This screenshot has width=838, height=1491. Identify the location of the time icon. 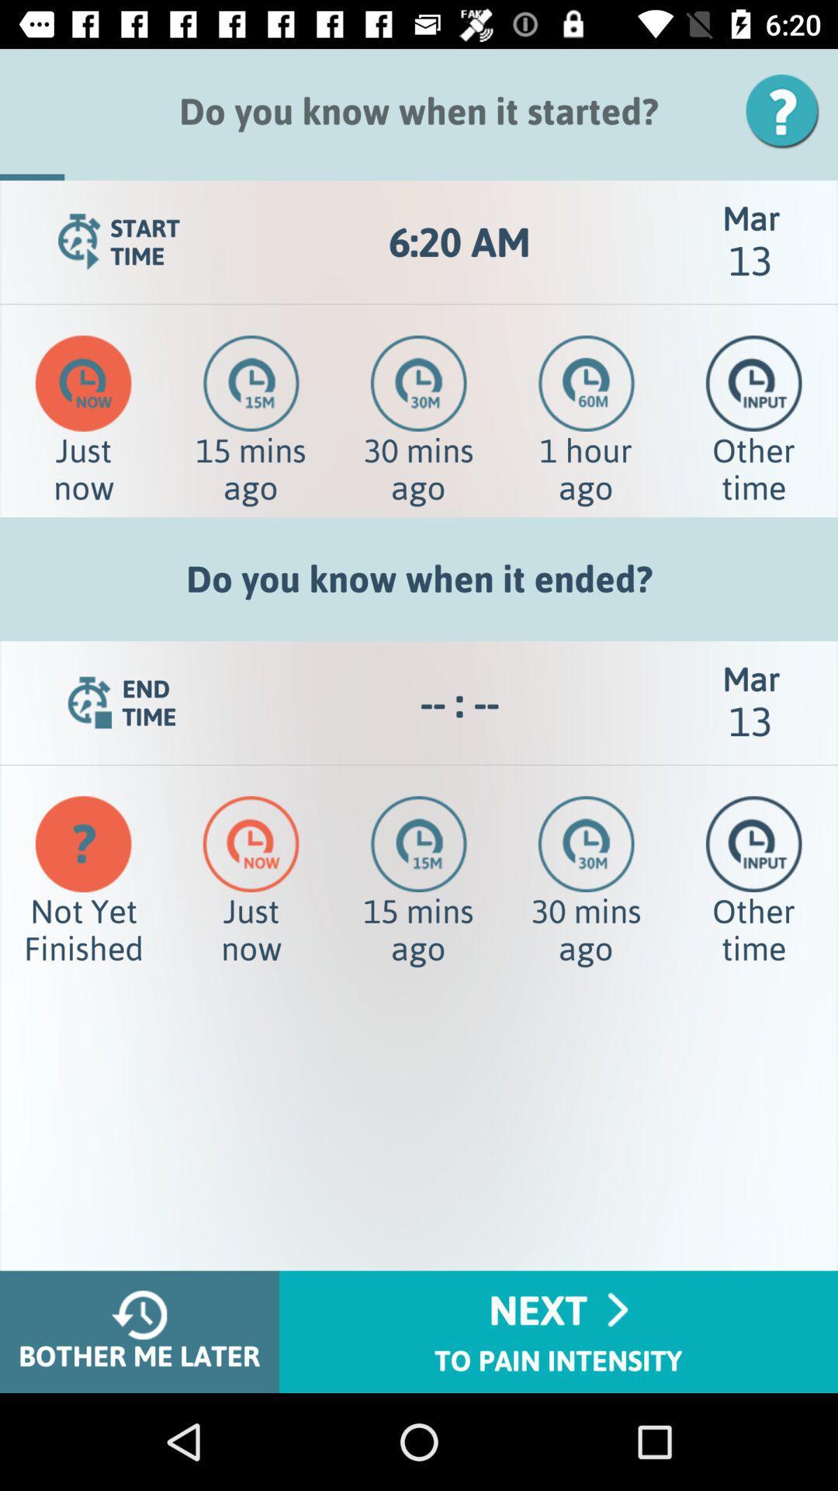
(83, 383).